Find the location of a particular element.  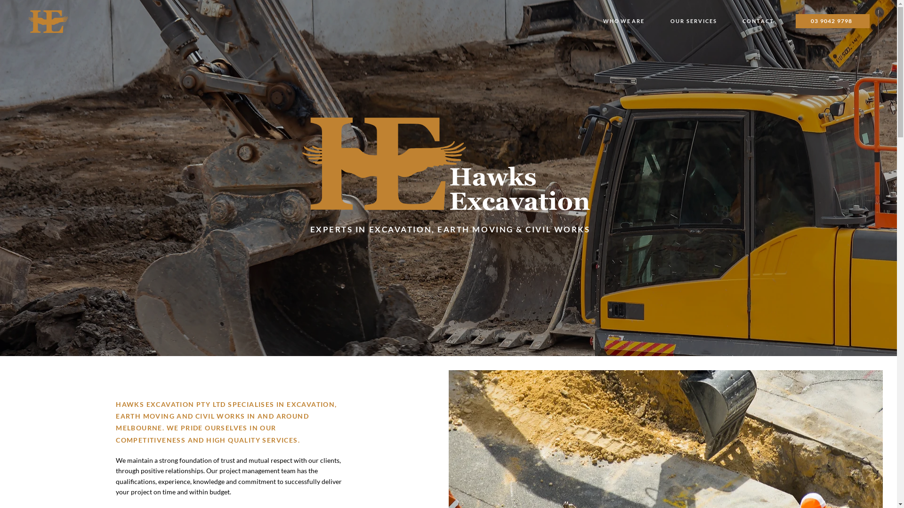

'O U R   S E R V I C E S' is located at coordinates (656, 21).